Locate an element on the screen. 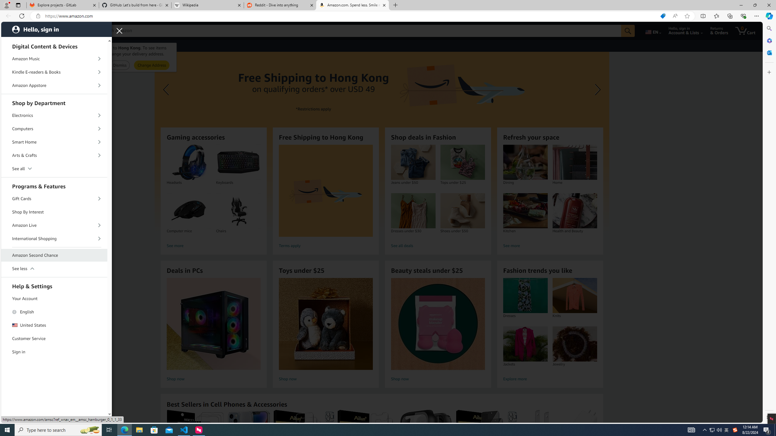 This screenshot has width=776, height=436. 'See less' is located at coordinates (54, 268).